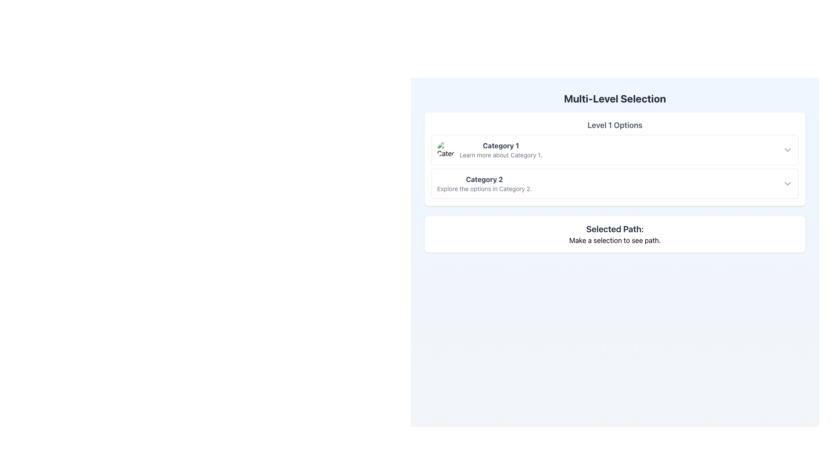  Describe the element at coordinates (614, 125) in the screenshot. I see `the Text Label that serves as a section header above the options 'Category 1' and 'Category 2.'` at that location.